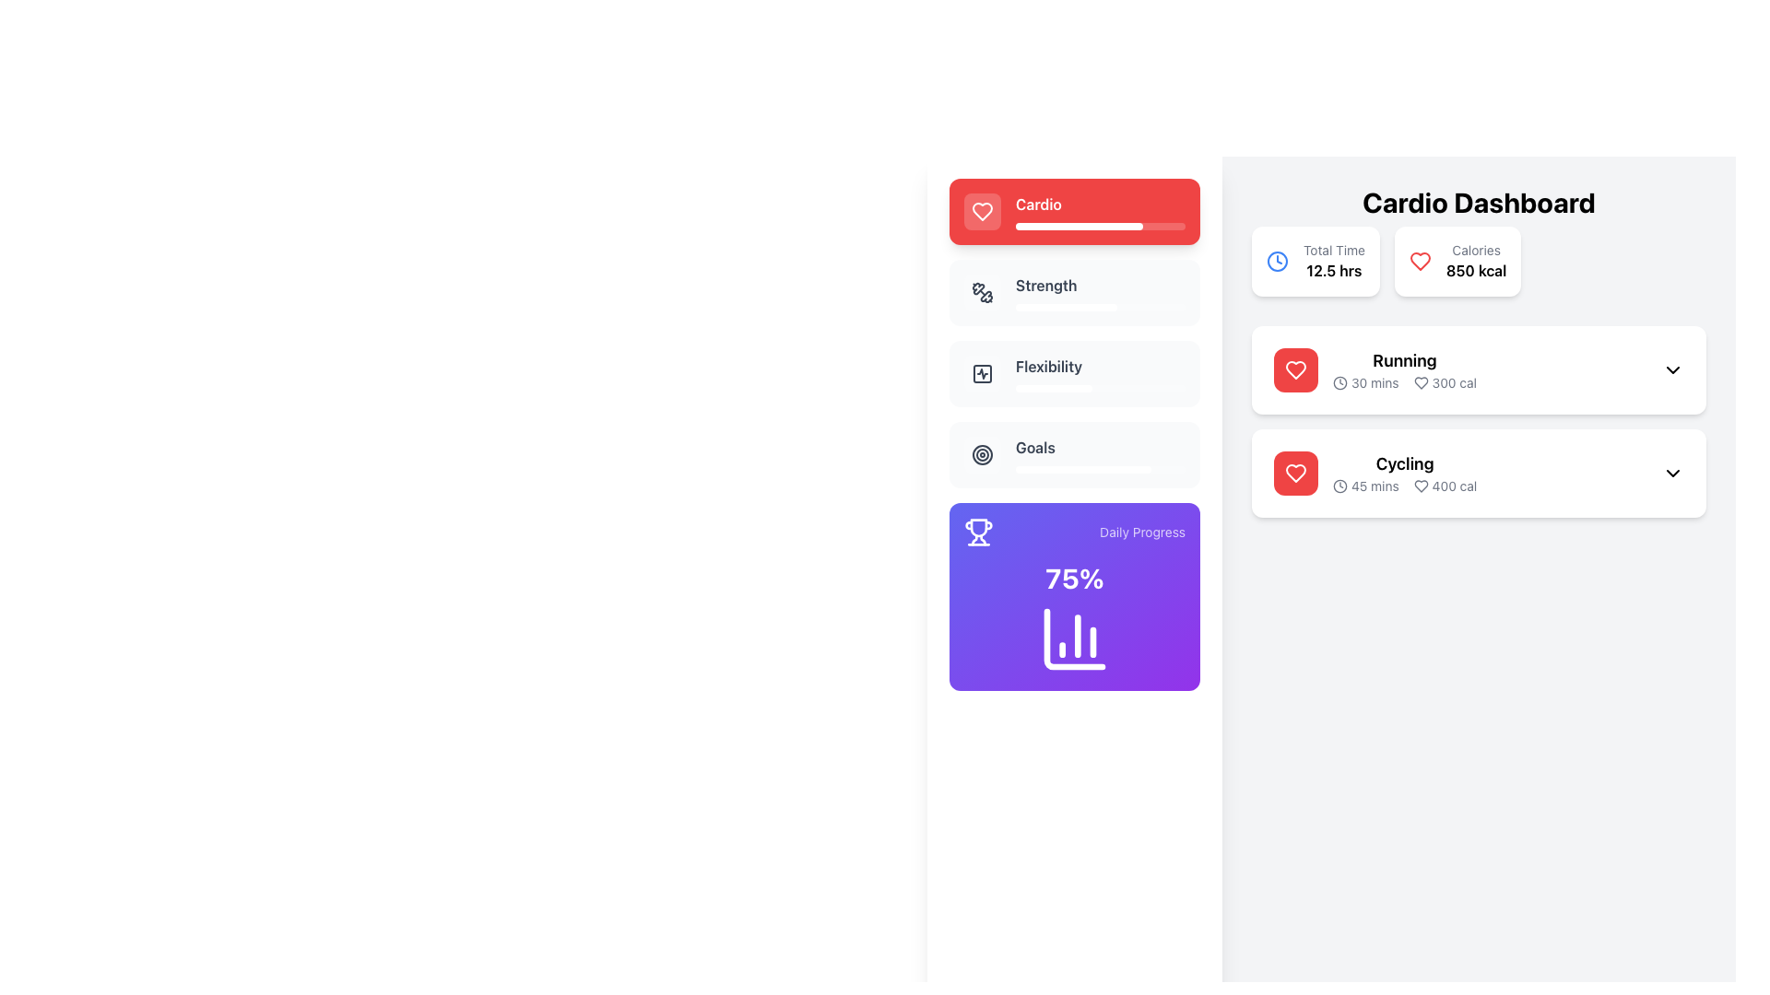 The width and height of the screenshot is (1770, 995). What do you see at coordinates (1404, 361) in the screenshot?
I see `the Text label that identifies the activity type as 'Running', located in the right-side section of the Cardio Dashboard interface` at bounding box center [1404, 361].